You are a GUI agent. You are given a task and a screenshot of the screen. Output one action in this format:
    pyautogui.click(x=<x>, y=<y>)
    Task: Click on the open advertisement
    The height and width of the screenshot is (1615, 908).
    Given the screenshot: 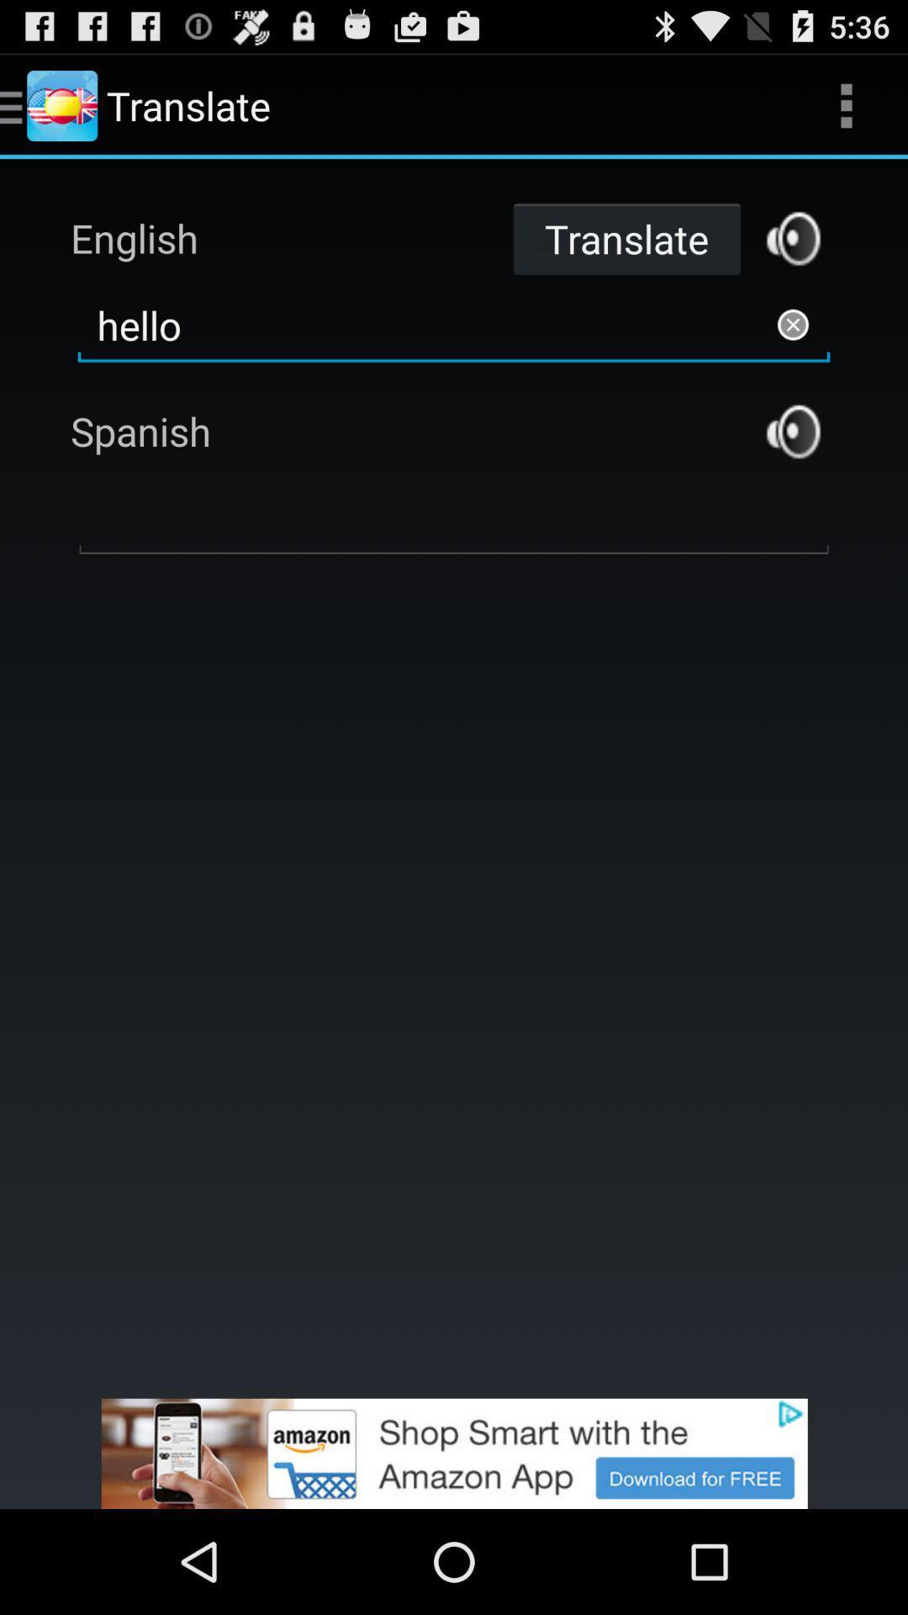 What is the action you would take?
    pyautogui.click(x=454, y=1453)
    